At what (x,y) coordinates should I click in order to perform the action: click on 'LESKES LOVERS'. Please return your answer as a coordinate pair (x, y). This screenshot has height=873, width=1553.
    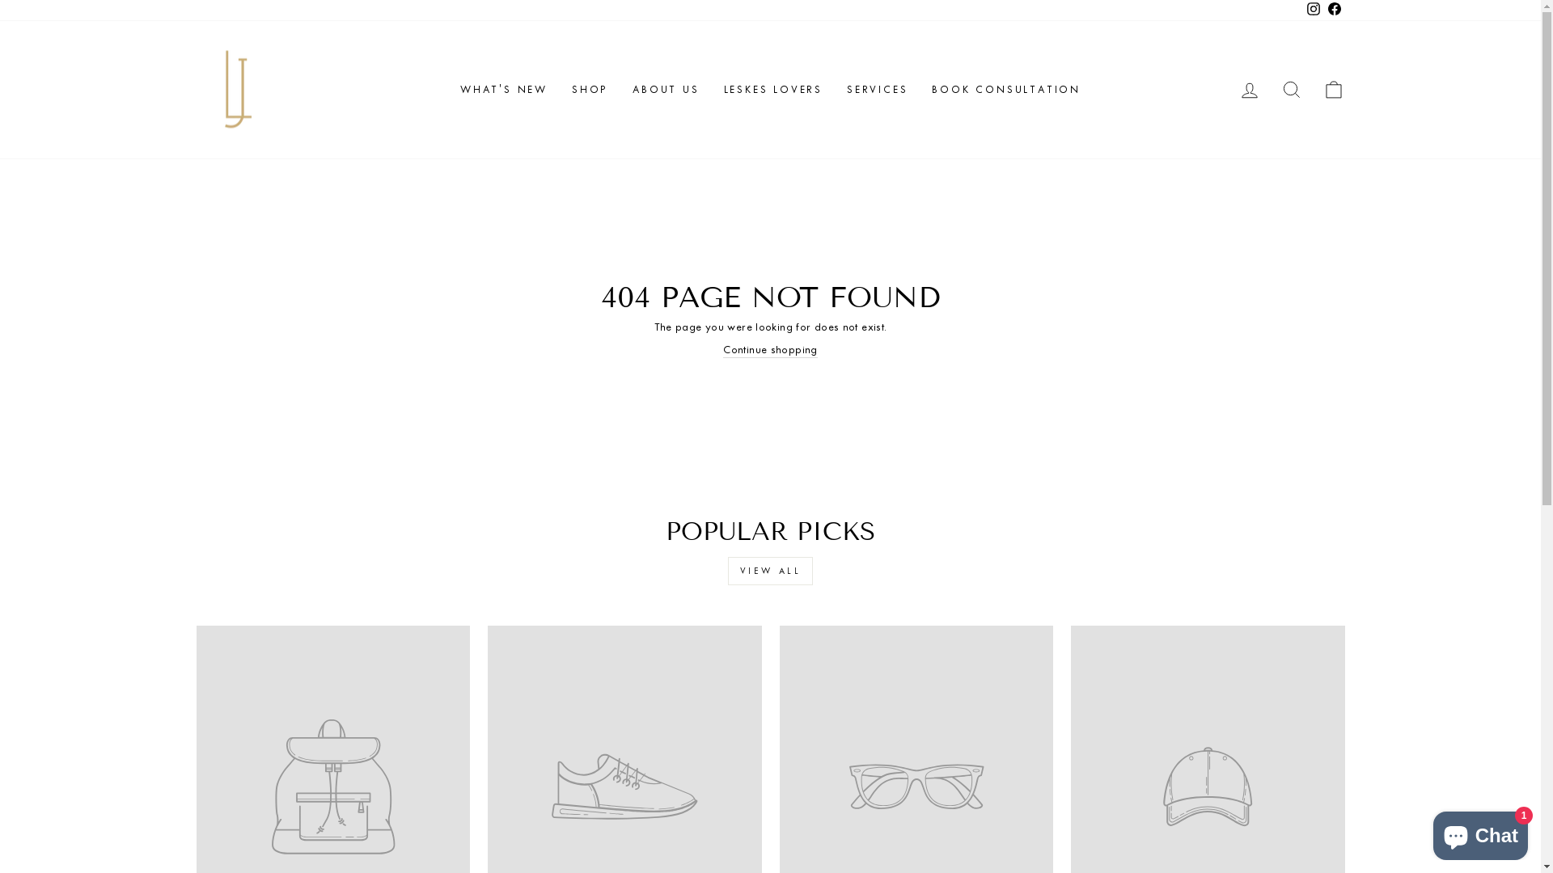
    Looking at the image, I should click on (772, 90).